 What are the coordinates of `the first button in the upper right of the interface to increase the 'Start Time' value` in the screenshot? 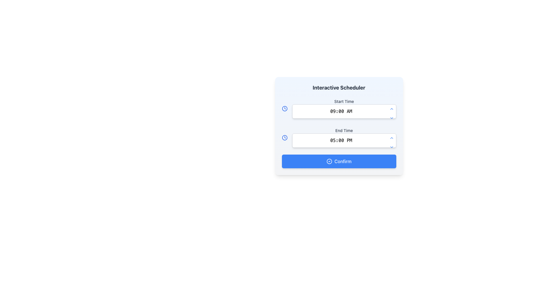 It's located at (391, 109).